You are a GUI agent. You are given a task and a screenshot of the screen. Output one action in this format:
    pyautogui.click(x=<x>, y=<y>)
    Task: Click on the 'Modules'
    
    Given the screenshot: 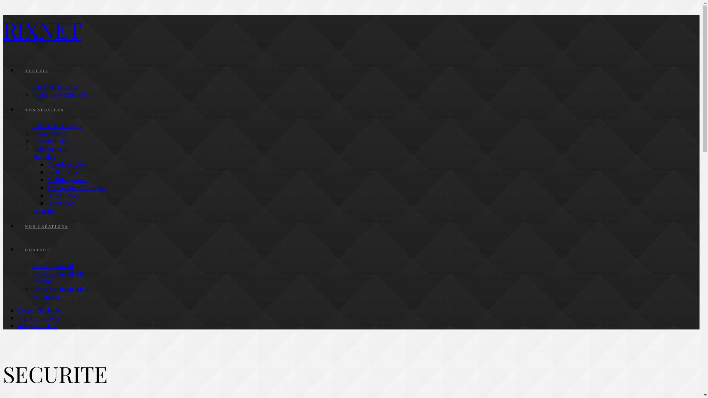 What is the action you would take?
    pyautogui.click(x=43, y=156)
    